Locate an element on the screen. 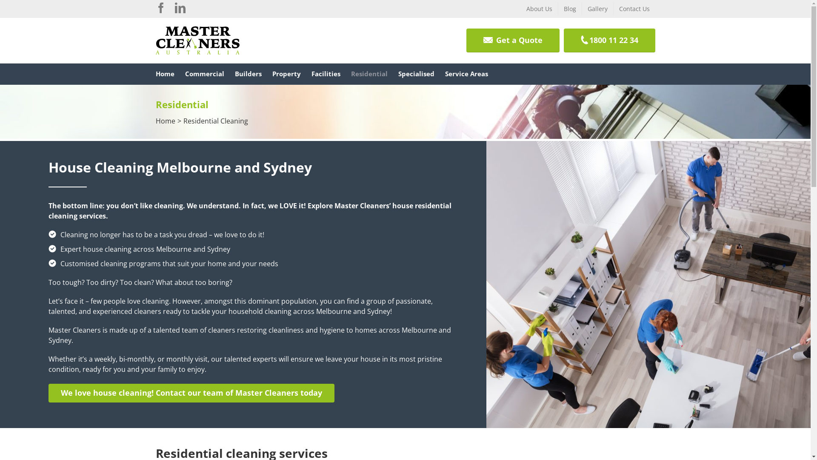 The height and width of the screenshot is (460, 817). 'Specialised' is located at coordinates (398, 73).